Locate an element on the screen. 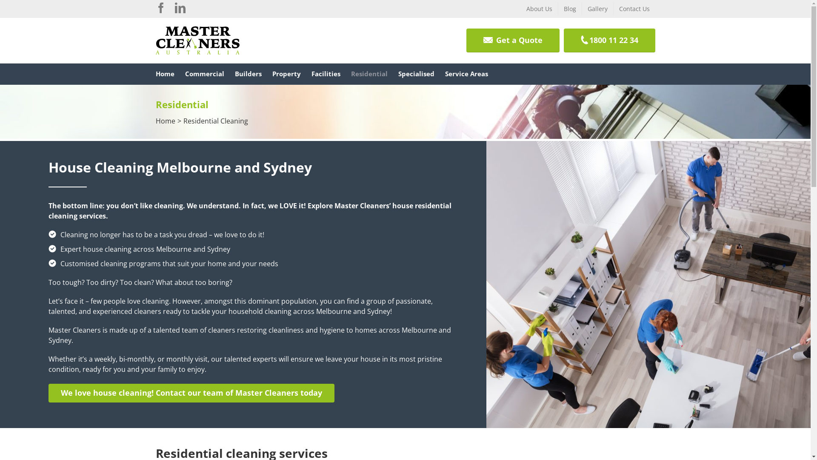 The height and width of the screenshot is (460, 817). 'Specialised' is located at coordinates (398, 73).